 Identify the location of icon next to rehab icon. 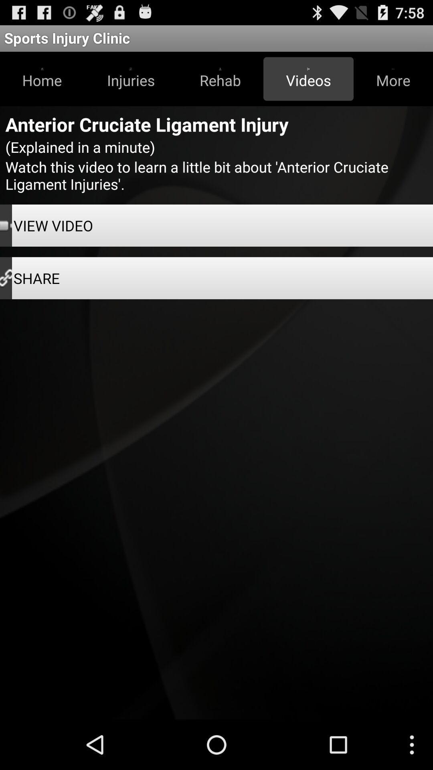
(308, 79).